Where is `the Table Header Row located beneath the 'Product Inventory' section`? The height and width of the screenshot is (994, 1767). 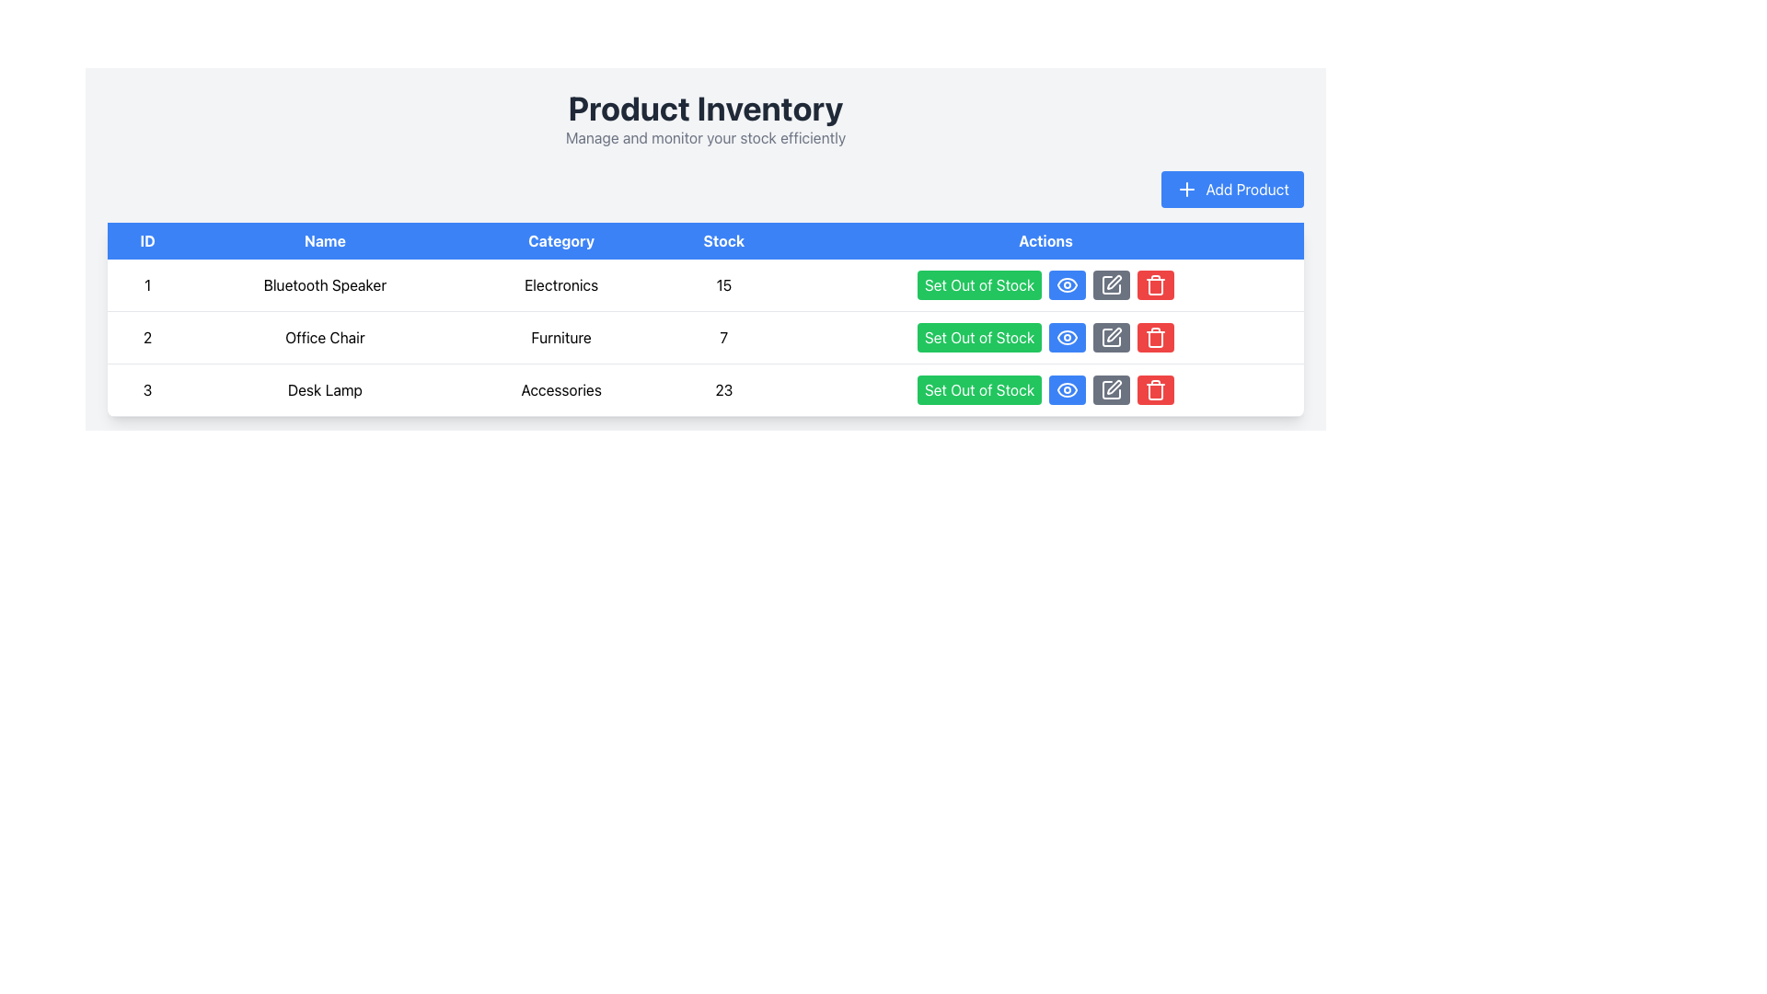
the Table Header Row located beneath the 'Product Inventory' section is located at coordinates (705, 240).